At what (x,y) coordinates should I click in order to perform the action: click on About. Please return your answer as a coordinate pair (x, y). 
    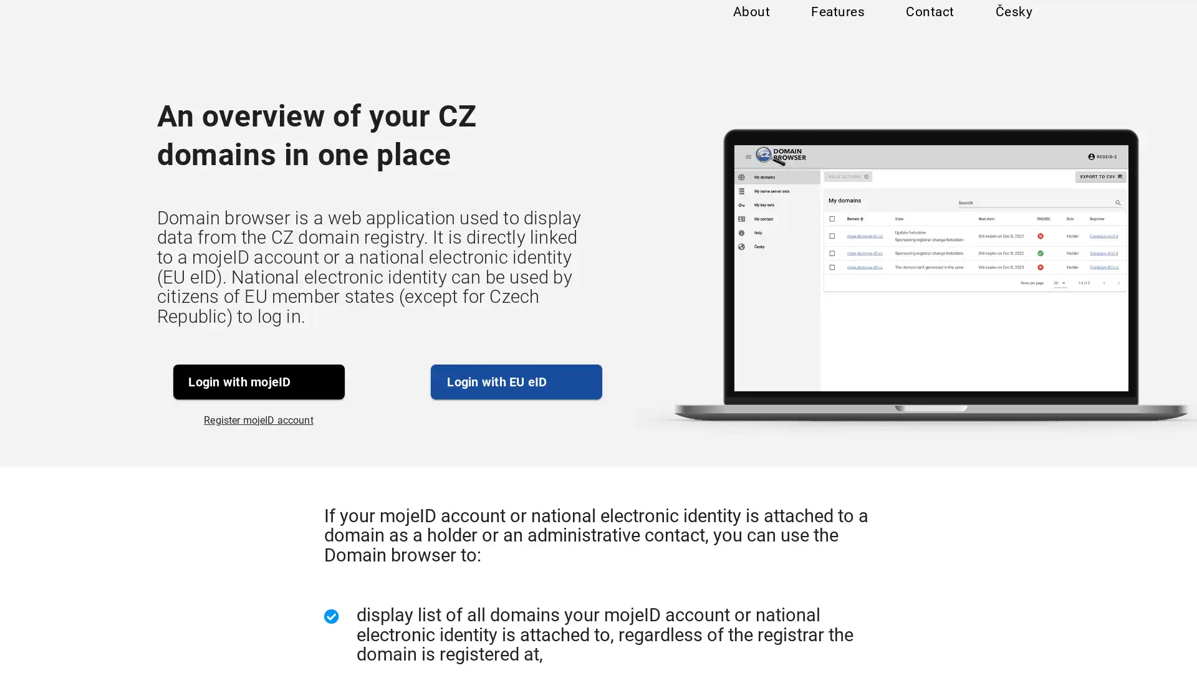
    Looking at the image, I should click on (750, 26).